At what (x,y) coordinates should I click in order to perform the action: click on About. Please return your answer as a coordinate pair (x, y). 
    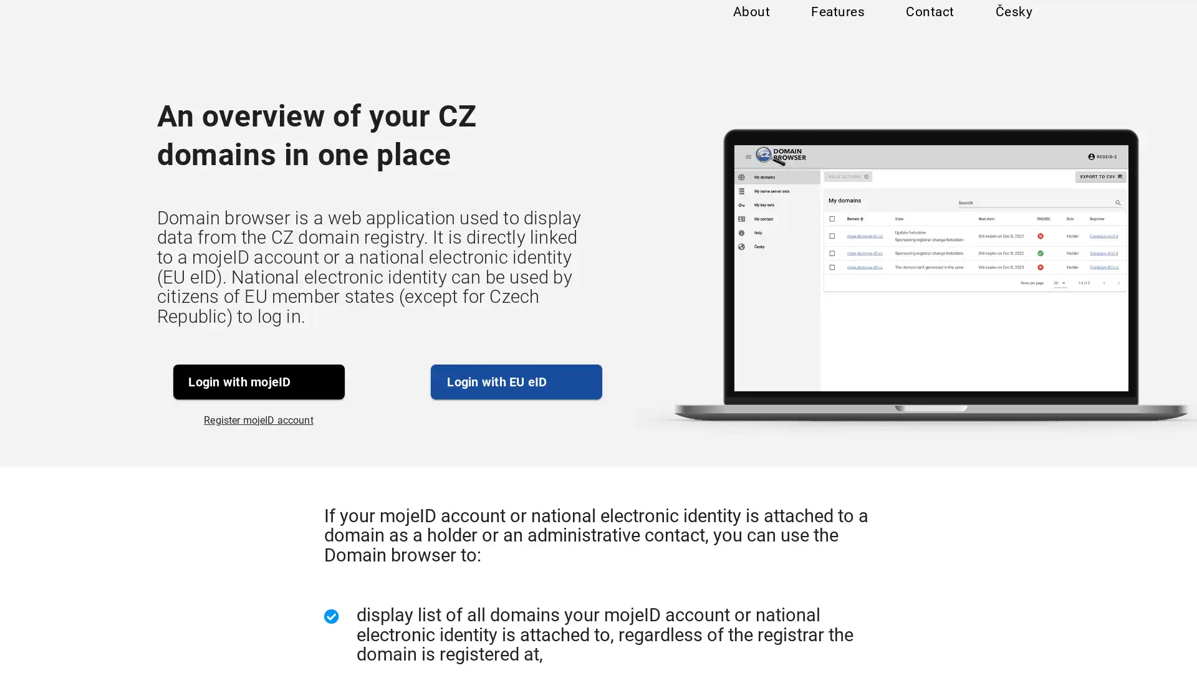
    Looking at the image, I should click on (750, 26).